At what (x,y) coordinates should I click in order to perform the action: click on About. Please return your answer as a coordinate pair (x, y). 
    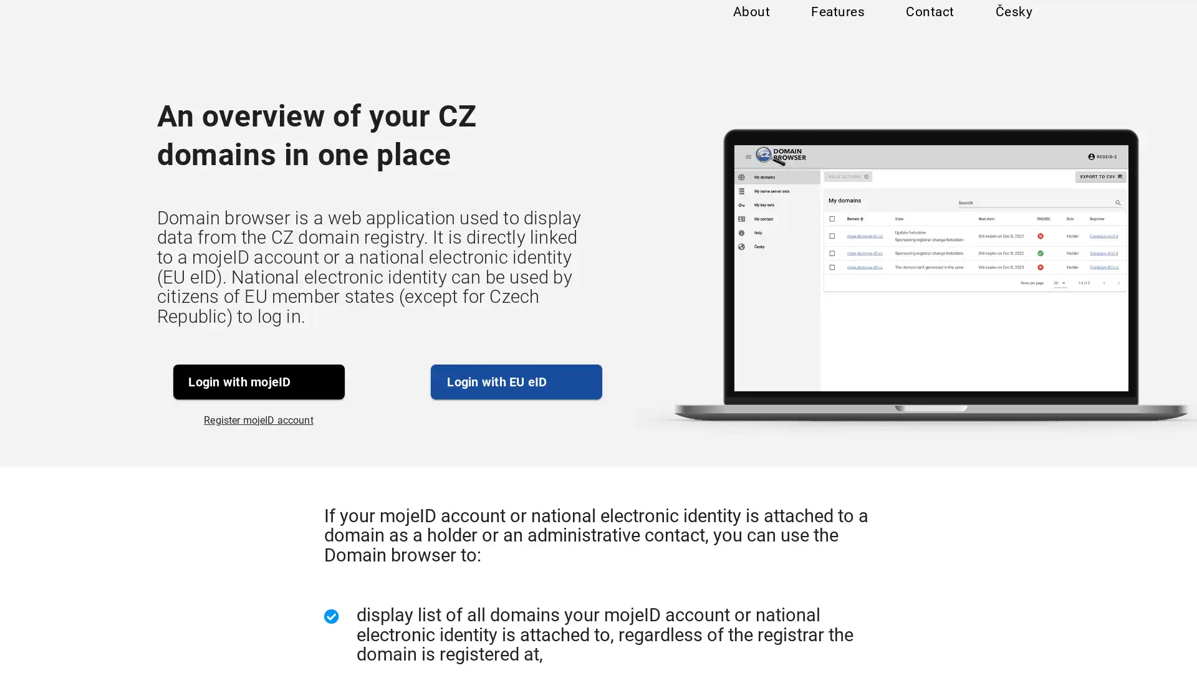
    Looking at the image, I should click on (750, 26).